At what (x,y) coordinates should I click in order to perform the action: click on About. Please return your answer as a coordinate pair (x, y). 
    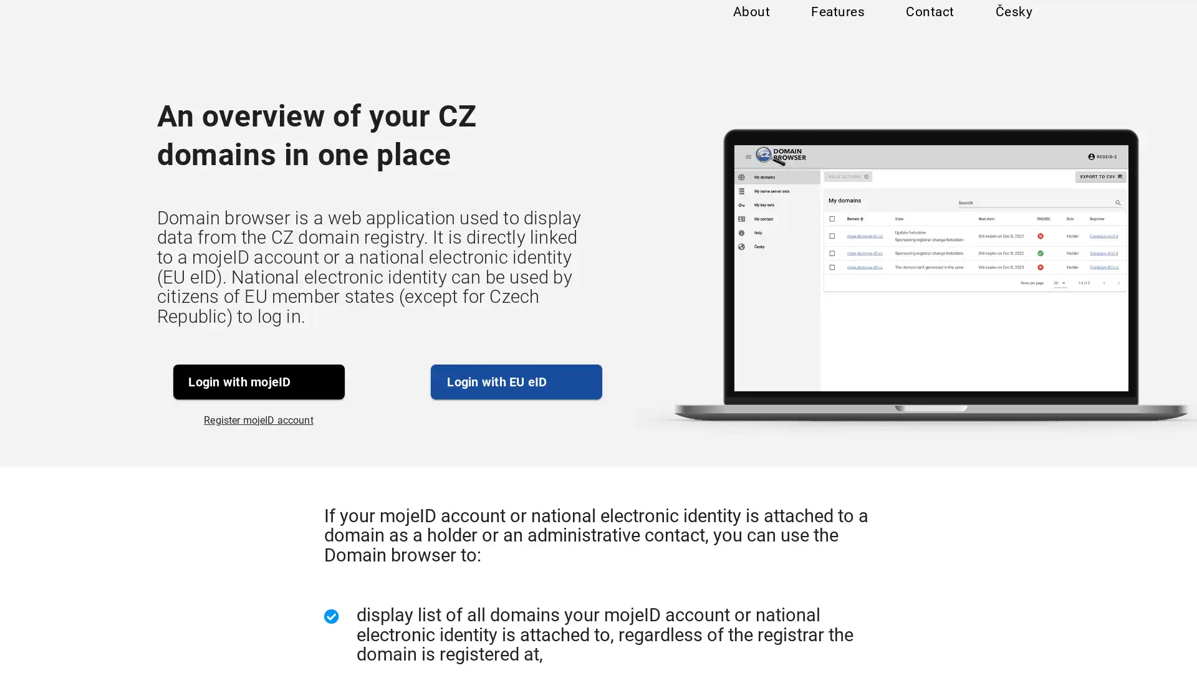
    Looking at the image, I should click on (750, 26).